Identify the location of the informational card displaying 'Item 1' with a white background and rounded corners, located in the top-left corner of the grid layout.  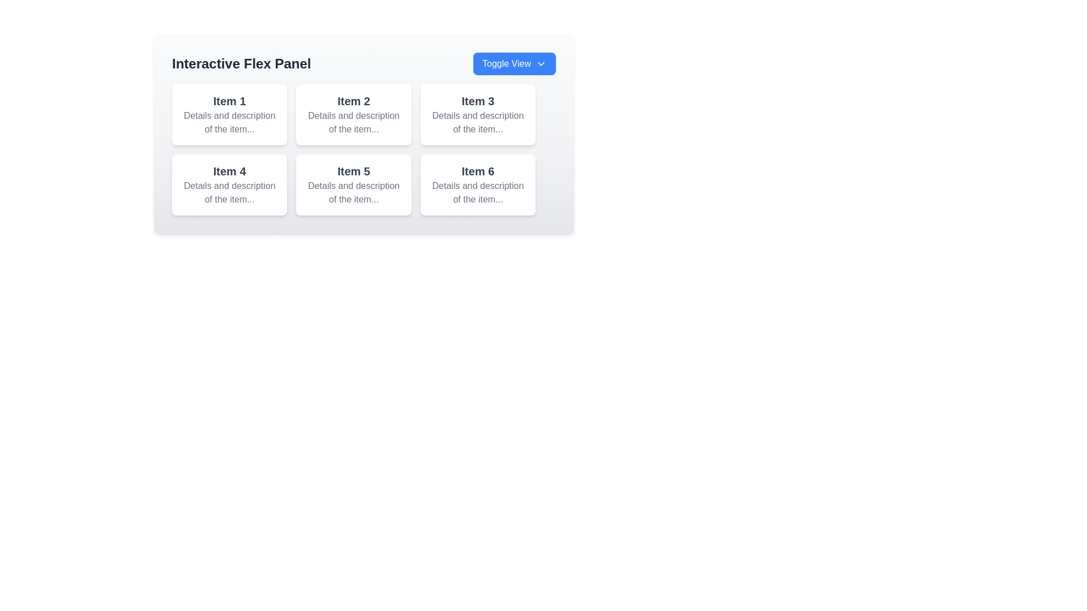
(229, 115).